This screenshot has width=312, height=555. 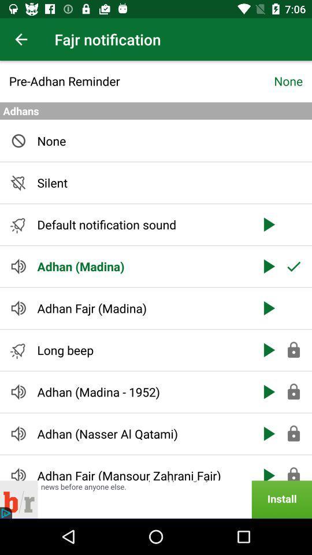 I want to click on default notification sound item, so click(x=142, y=224).